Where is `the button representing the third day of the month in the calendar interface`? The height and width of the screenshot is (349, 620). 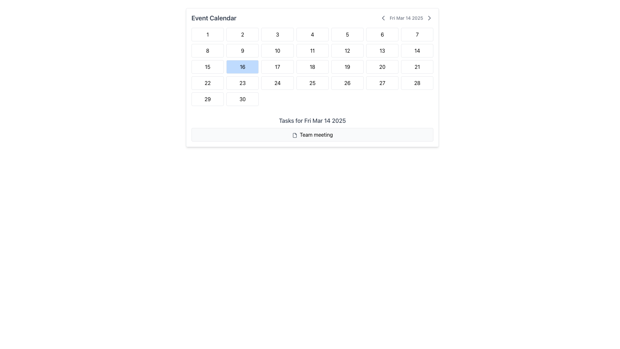 the button representing the third day of the month in the calendar interface is located at coordinates (277, 35).